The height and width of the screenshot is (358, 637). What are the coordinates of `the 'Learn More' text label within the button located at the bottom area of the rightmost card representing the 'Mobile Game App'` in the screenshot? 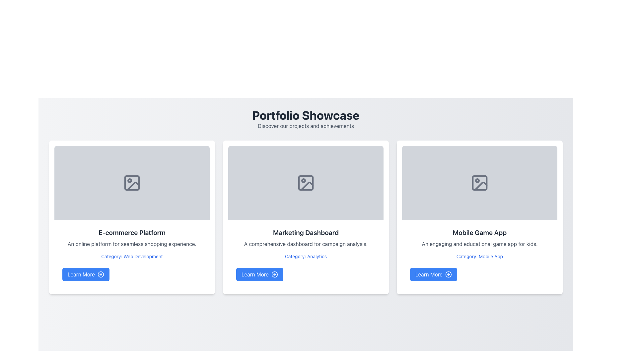 It's located at (429, 274).